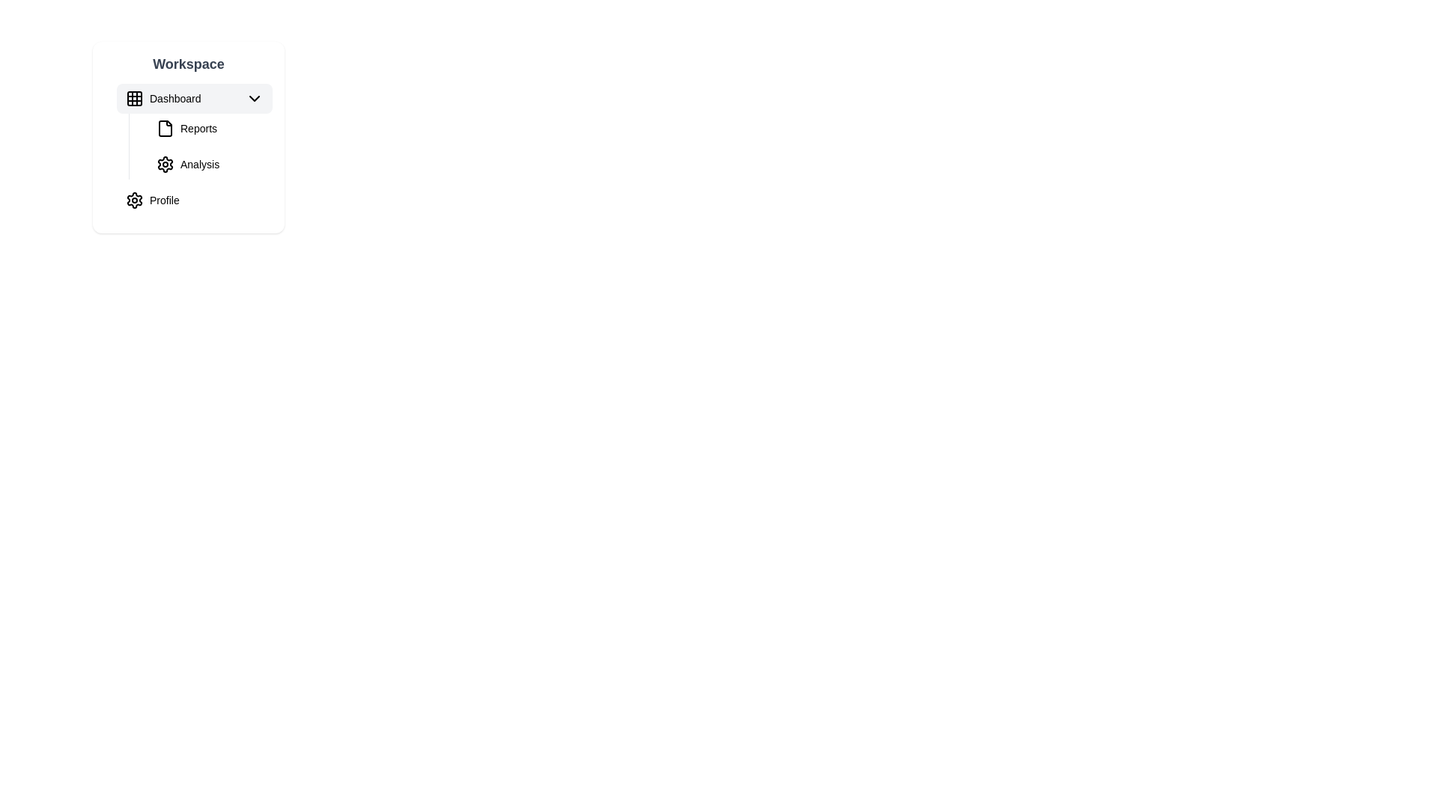 This screenshot has width=1438, height=808. I want to click on the first menu list item with icon and text in the 'Workspace' menu panel, so click(163, 98).